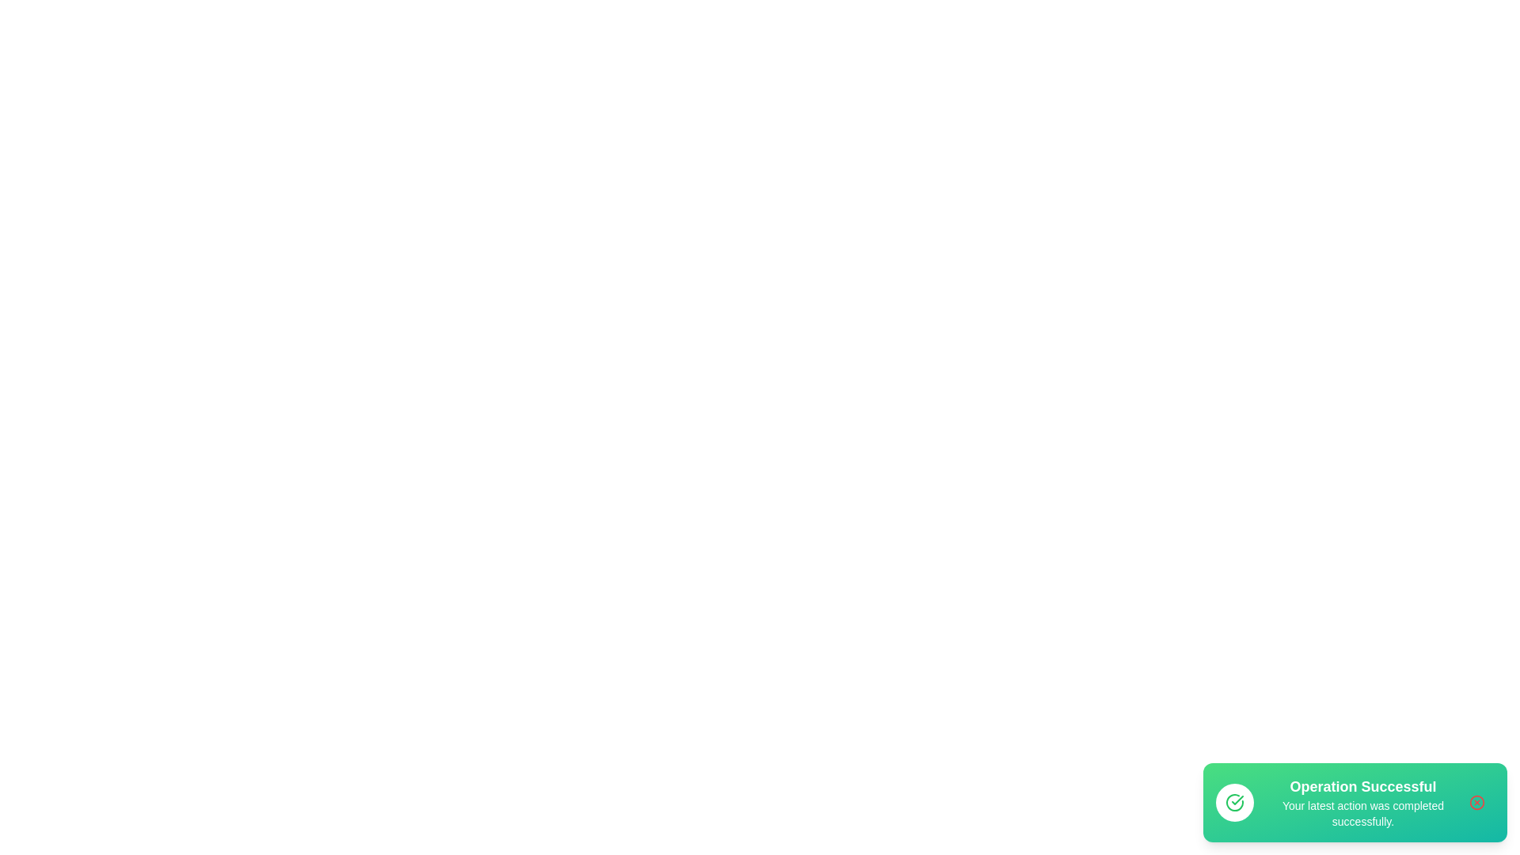 This screenshot has width=1520, height=855. What do you see at coordinates (1476, 803) in the screenshot?
I see `the close button to dismiss the notification` at bounding box center [1476, 803].